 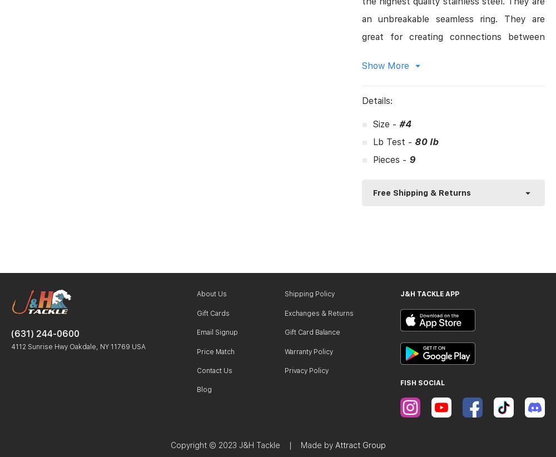 What do you see at coordinates (423, 381) in the screenshot?
I see `'Fish Social'` at bounding box center [423, 381].